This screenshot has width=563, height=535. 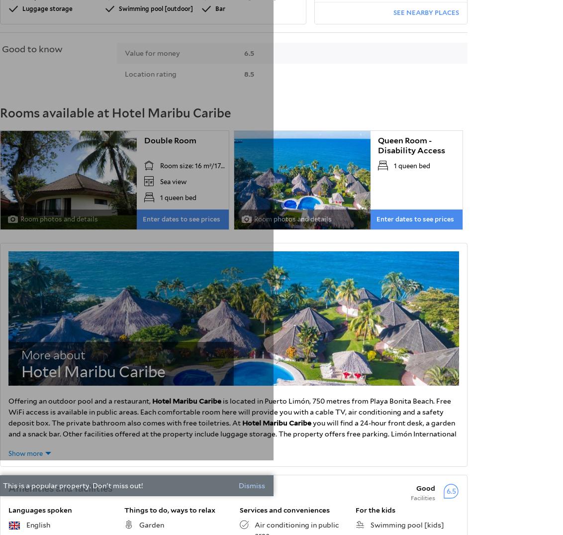 What do you see at coordinates (220, 7) in the screenshot?
I see `'Bar'` at bounding box center [220, 7].